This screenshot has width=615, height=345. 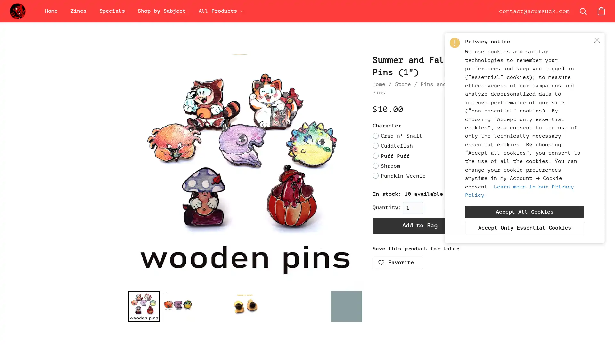 What do you see at coordinates (524, 227) in the screenshot?
I see `Accept Only Essential Cookies` at bounding box center [524, 227].